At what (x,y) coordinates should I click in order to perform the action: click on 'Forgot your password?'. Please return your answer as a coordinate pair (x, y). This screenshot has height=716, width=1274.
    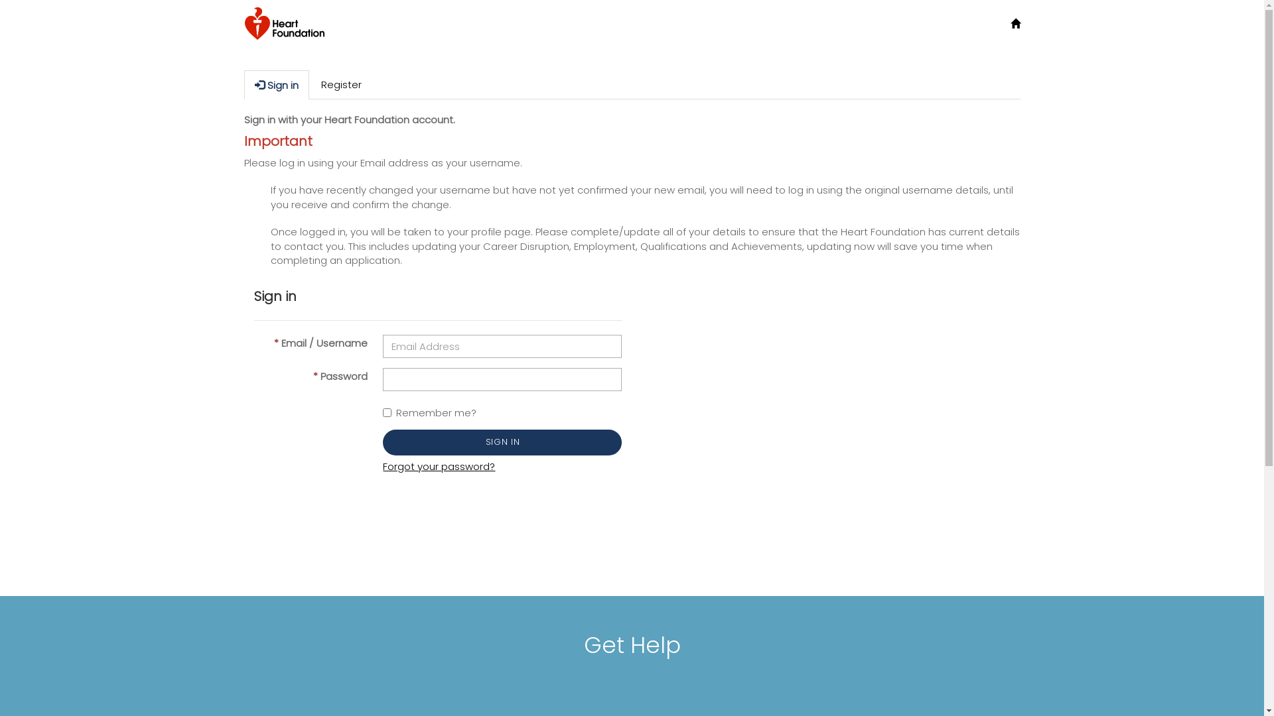
    Looking at the image, I should click on (439, 465).